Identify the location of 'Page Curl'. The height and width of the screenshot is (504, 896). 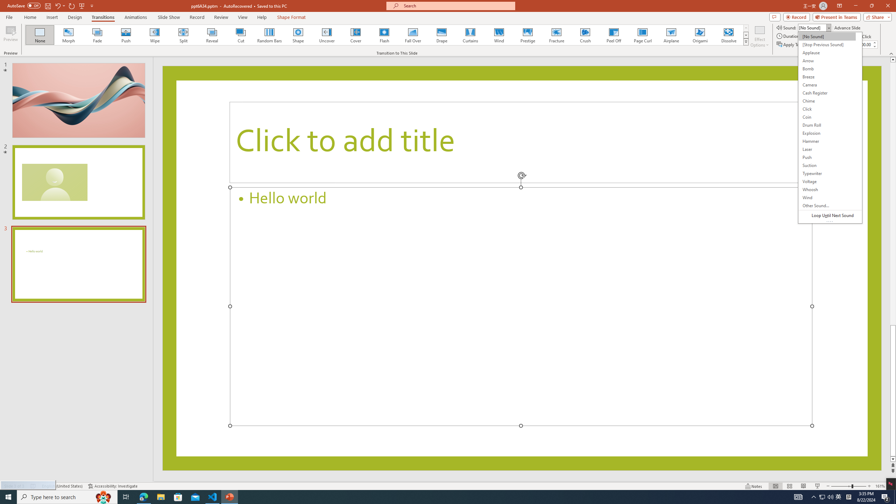
(642, 35).